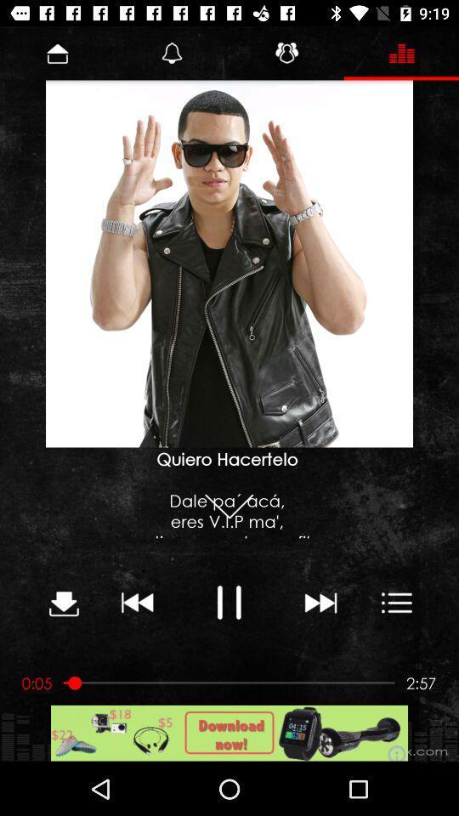 Image resolution: width=459 pixels, height=816 pixels. Describe the element at coordinates (137, 602) in the screenshot. I see `the av_rewind icon` at that location.